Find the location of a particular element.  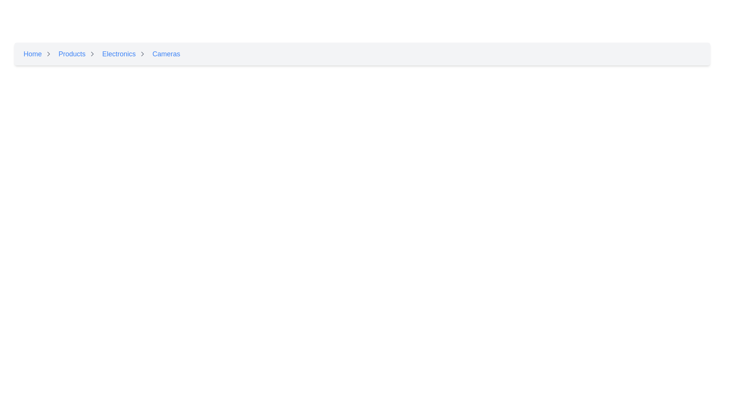

the breadcrumb separator icon positioned between the 'Products' and 'Electronics' links to indicate navigational hierarchy is located at coordinates (92, 54).